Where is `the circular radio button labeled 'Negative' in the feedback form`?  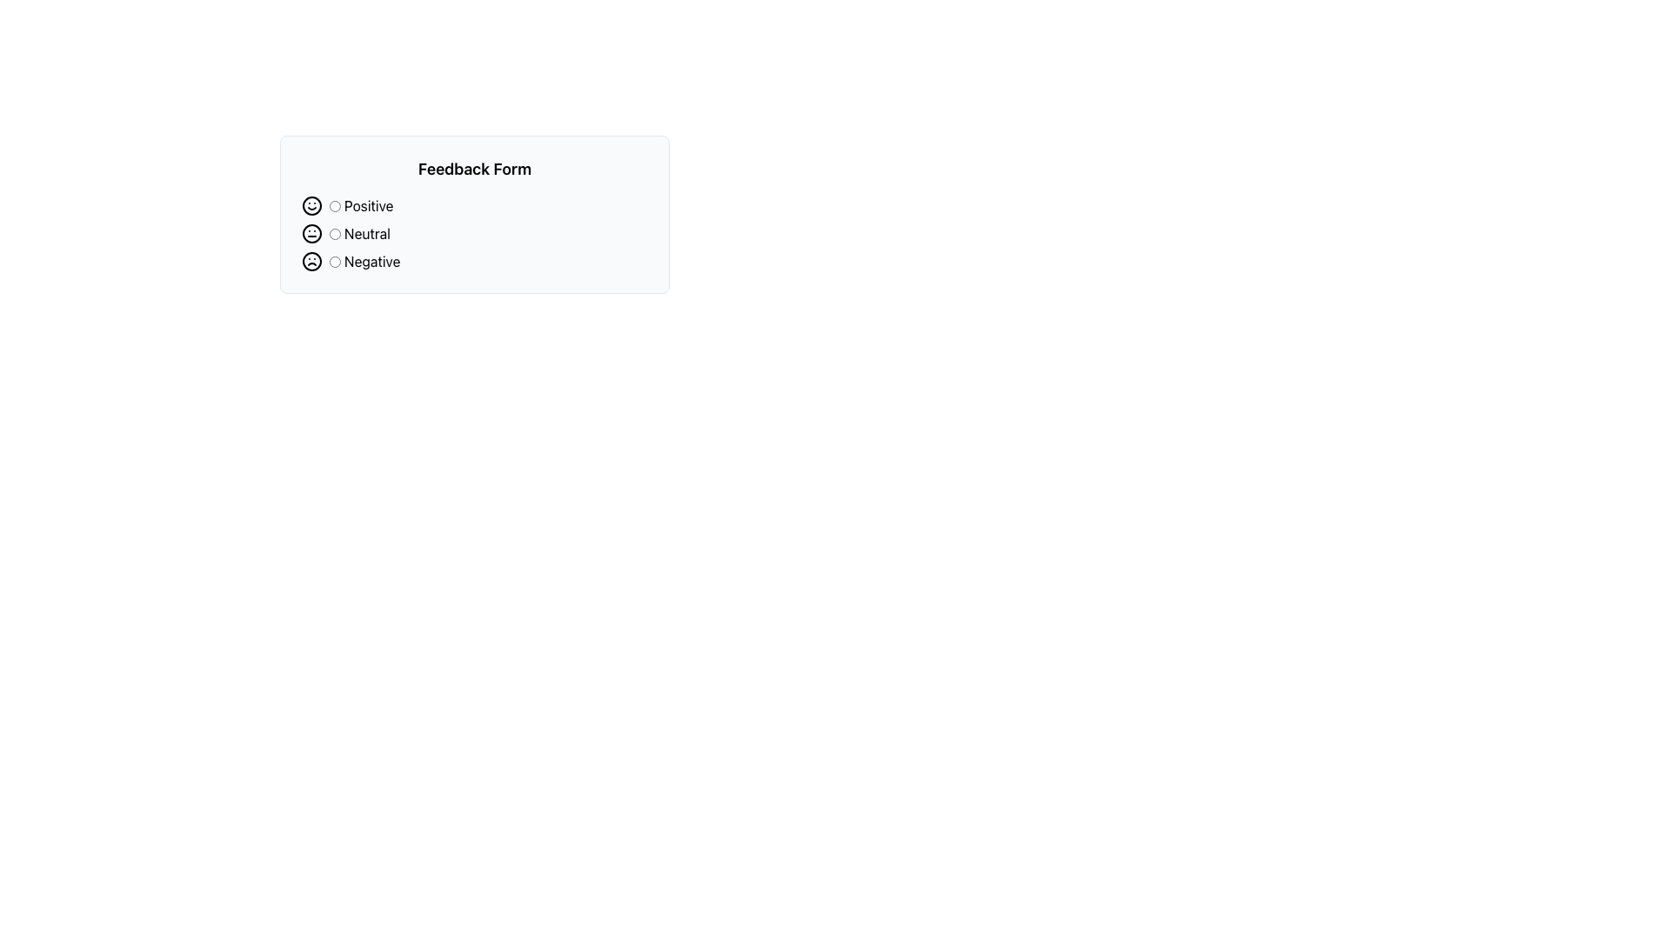 the circular radio button labeled 'Negative' in the feedback form is located at coordinates (335, 261).